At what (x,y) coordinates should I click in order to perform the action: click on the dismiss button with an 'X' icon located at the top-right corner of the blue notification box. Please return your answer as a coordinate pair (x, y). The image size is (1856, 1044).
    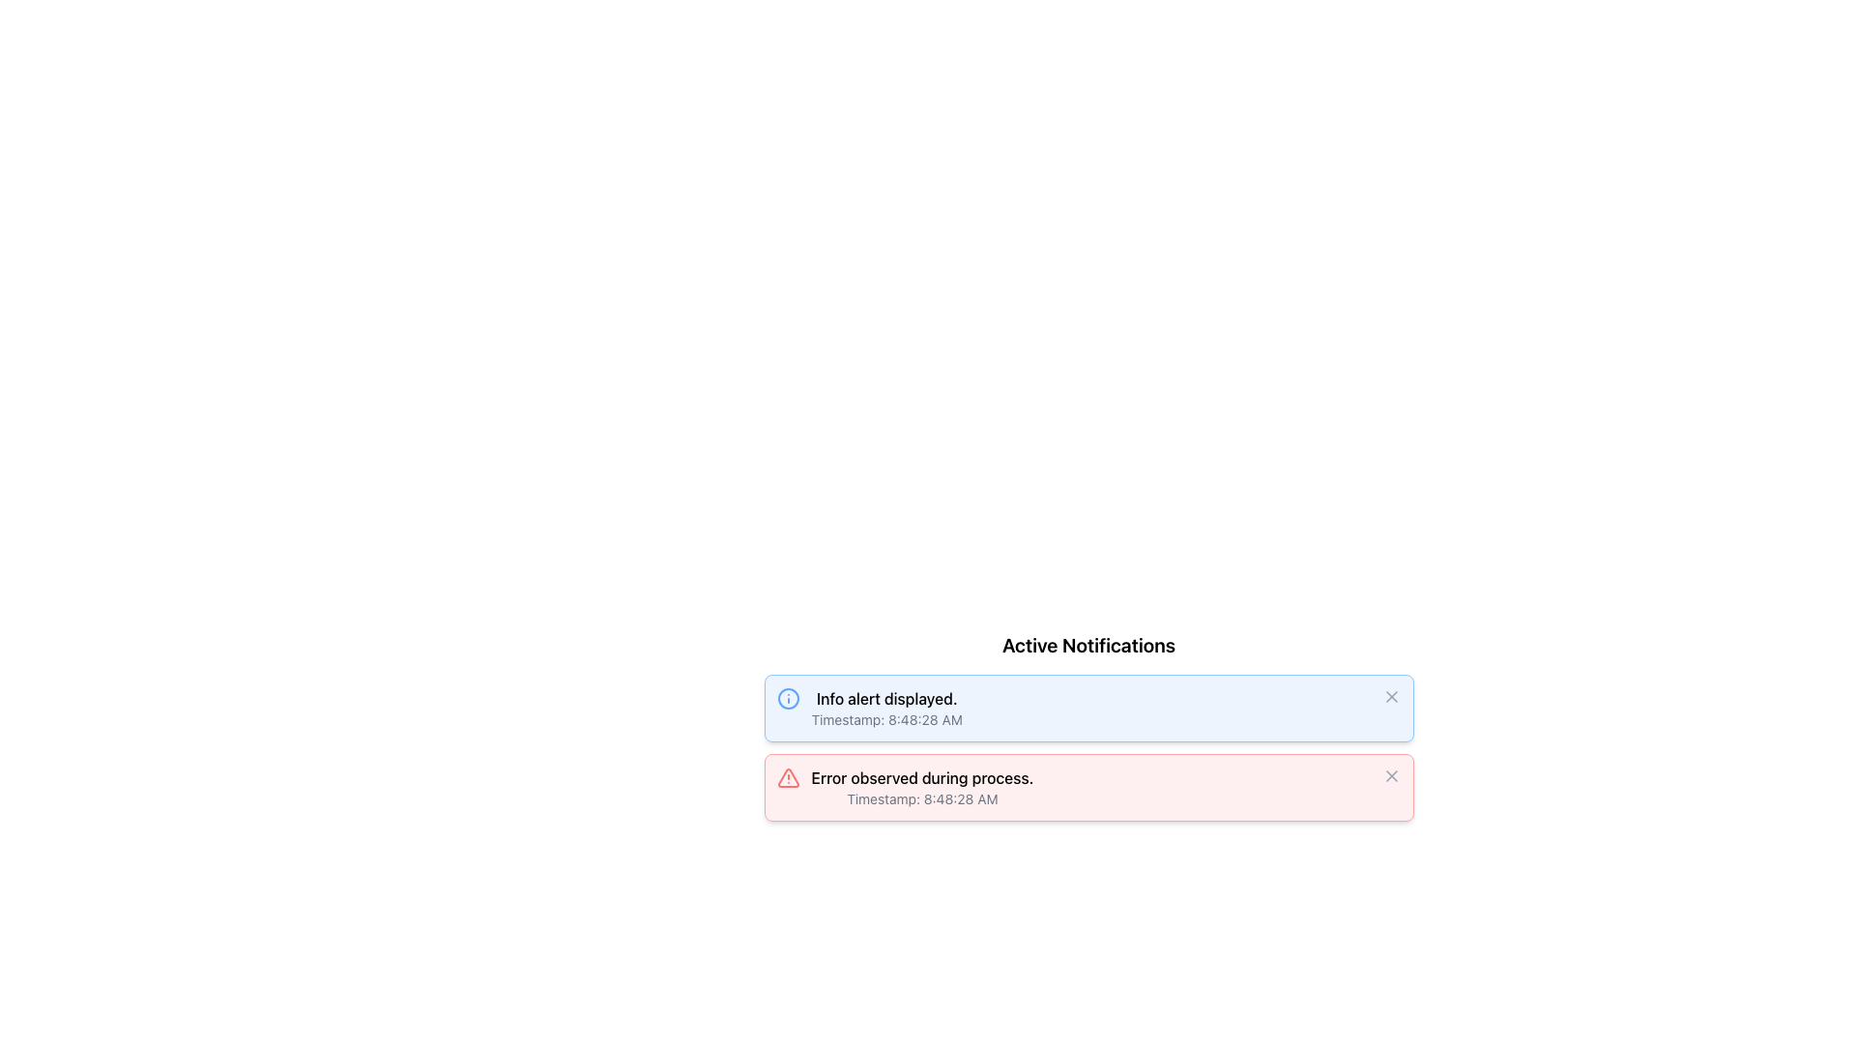
    Looking at the image, I should click on (1390, 697).